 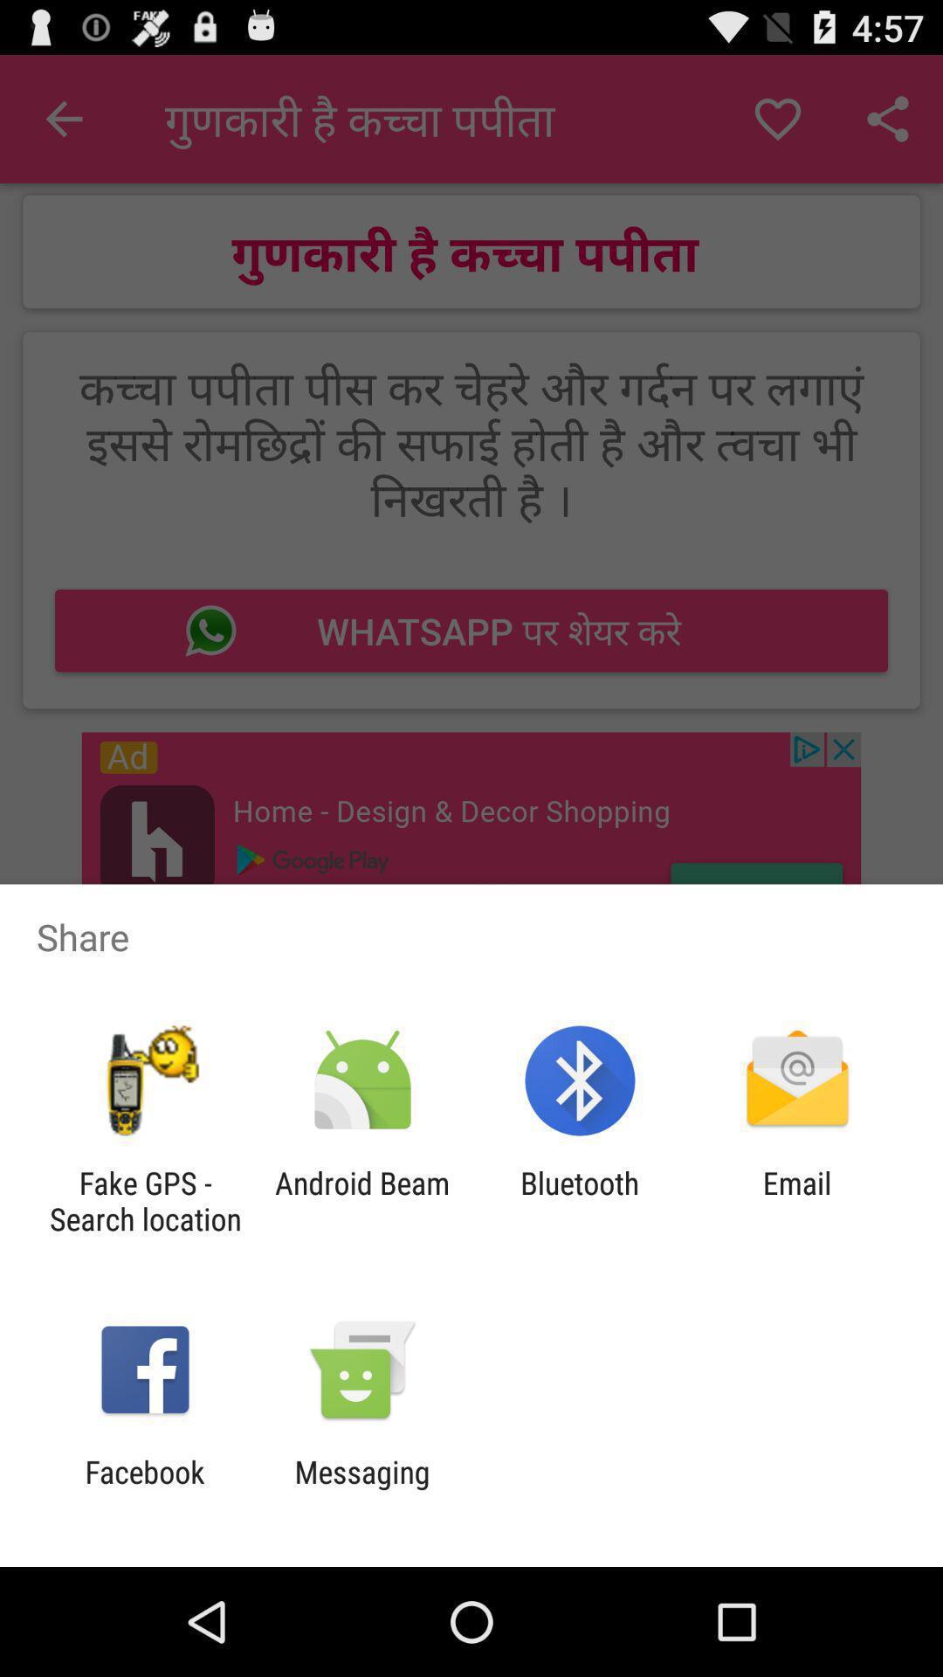 I want to click on fake gps search, so click(x=144, y=1200).